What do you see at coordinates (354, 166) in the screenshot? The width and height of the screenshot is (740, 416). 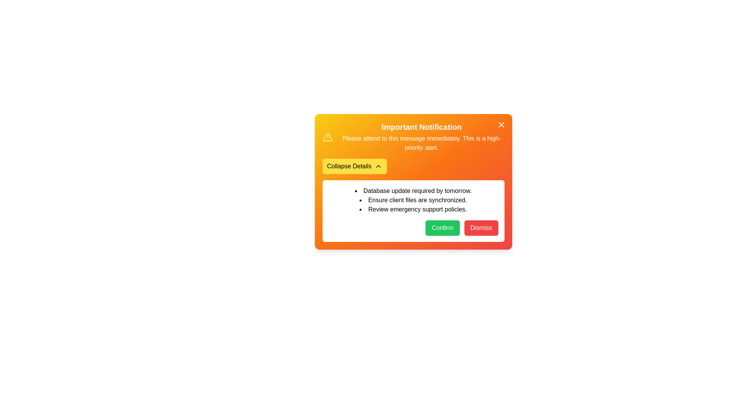 I see `the 'Collapse Details' button to toggle the expanded state of the notification` at bounding box center [354, 166].